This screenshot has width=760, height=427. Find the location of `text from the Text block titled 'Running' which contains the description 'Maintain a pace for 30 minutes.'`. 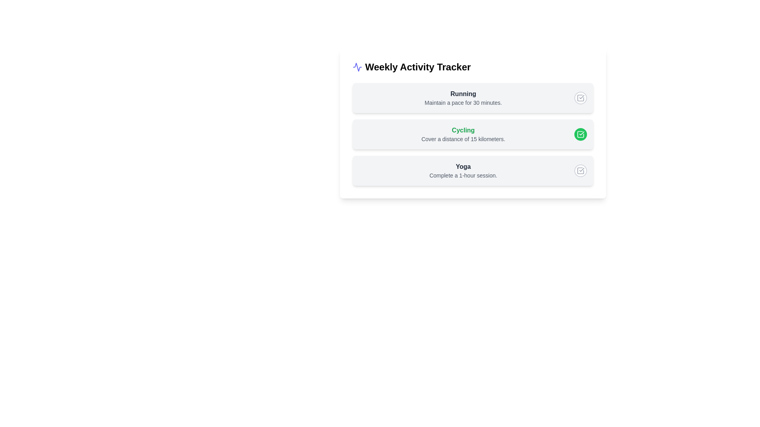

text from the Text block titled 'Running' which contains the description 'Maintain a pace for 30 minutes.' is located at coordinates (463, 97).